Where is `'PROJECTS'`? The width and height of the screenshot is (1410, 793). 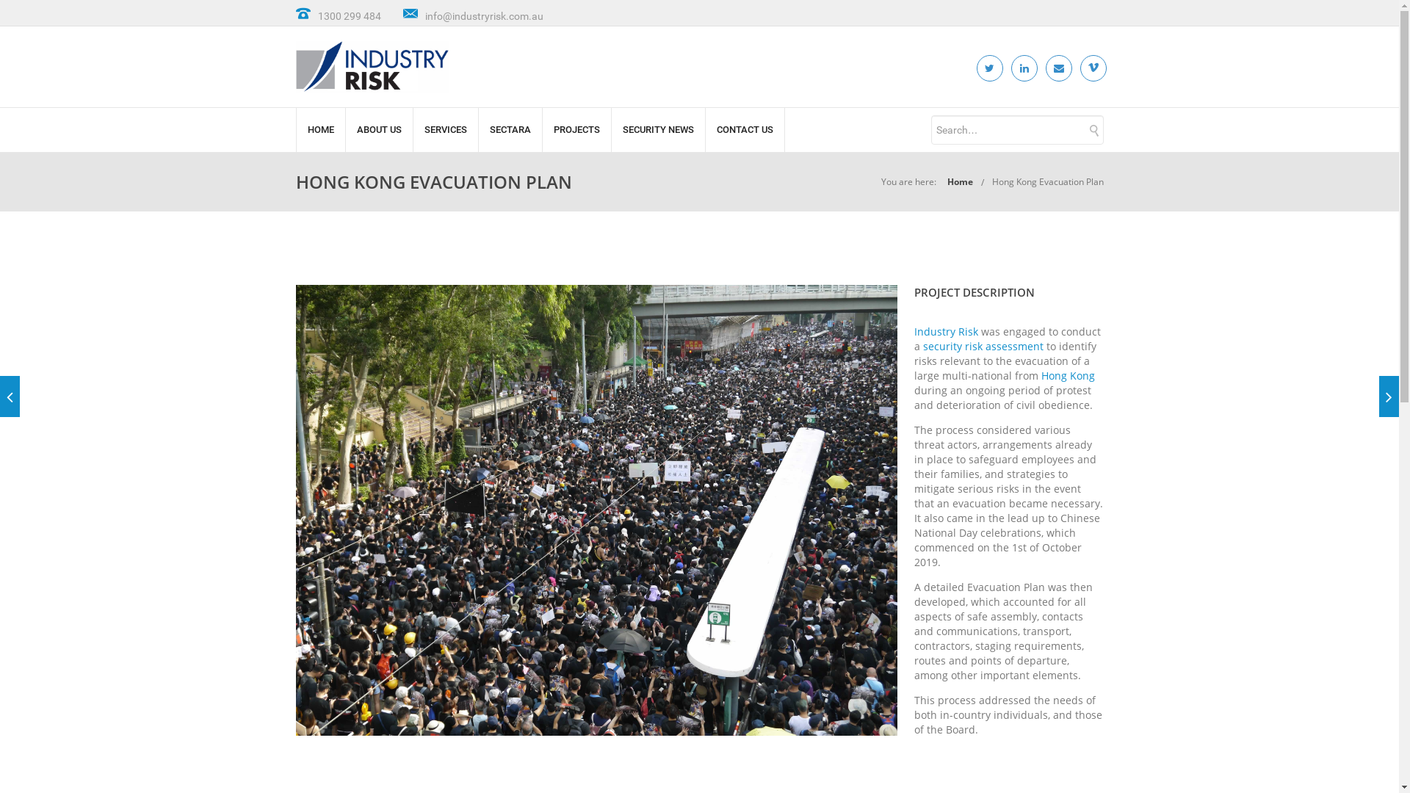 'PROJECTS' is located at coordinates (576, 129).